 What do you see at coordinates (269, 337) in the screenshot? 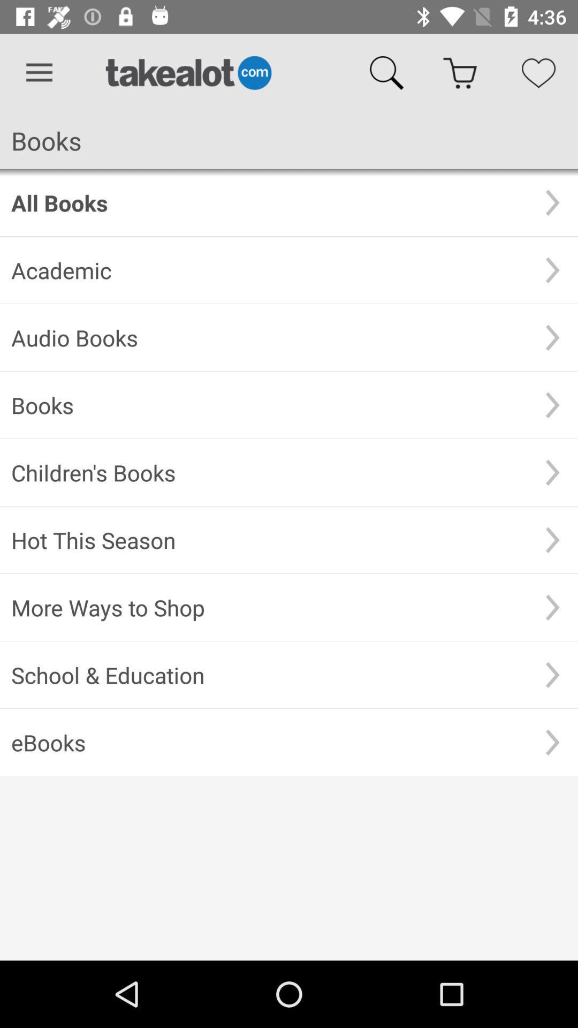
I see `the audio books` at bounding box center [269, 337].